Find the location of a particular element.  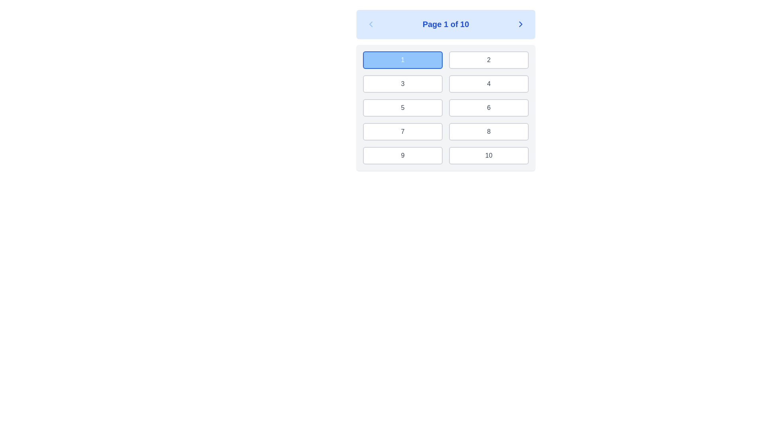

the rectangular button displaying the number '6', which has a white background and gray text is located at coordinates (488, 107).